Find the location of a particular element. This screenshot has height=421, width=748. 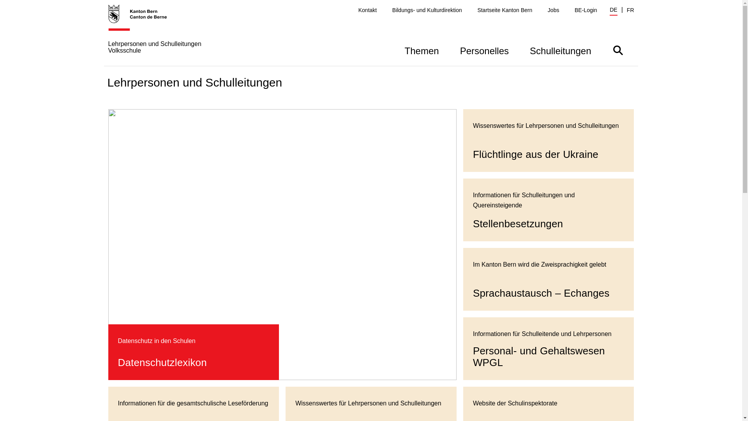

'Schulleitungen' is located at coordinates (560, 50).